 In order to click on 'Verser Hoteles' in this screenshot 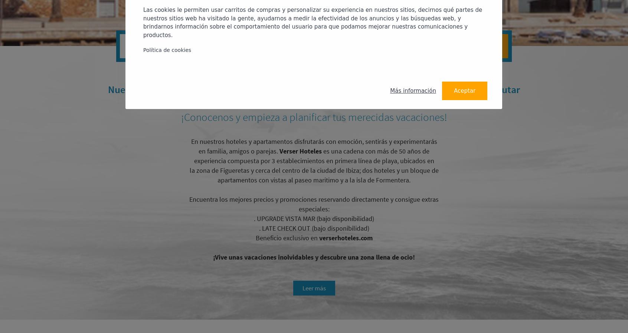, I will do `click(300, 151)`.